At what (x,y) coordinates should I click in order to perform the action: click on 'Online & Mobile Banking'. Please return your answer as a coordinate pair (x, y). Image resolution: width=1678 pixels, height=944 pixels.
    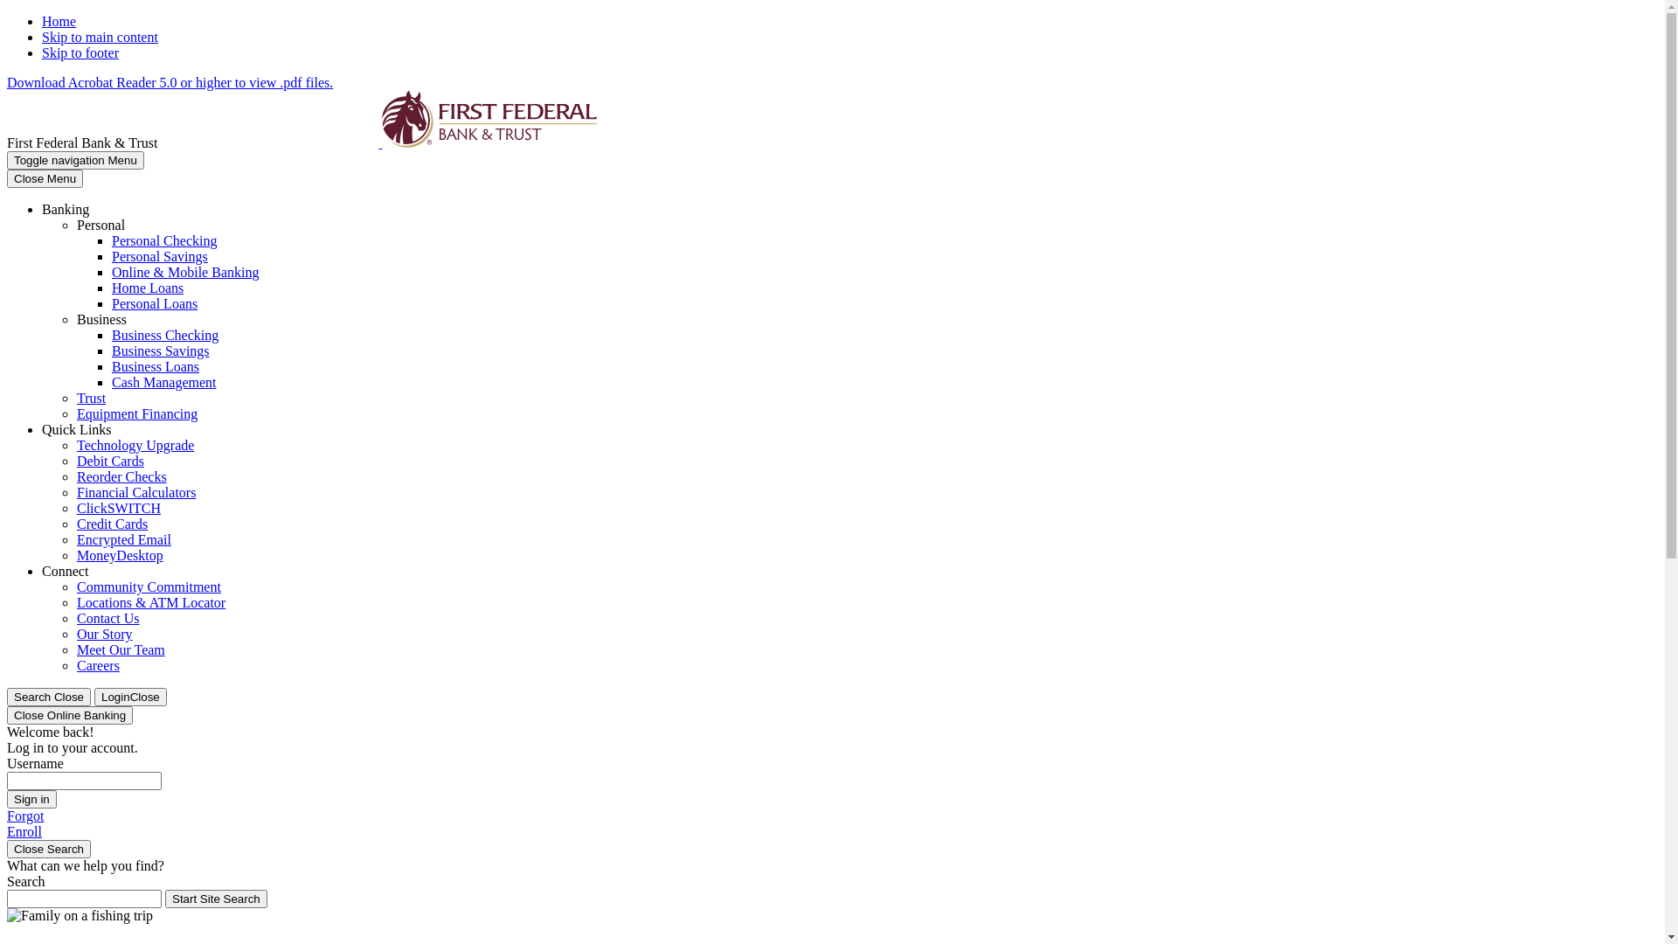
    Looking at the image, I should click on (184, 272).